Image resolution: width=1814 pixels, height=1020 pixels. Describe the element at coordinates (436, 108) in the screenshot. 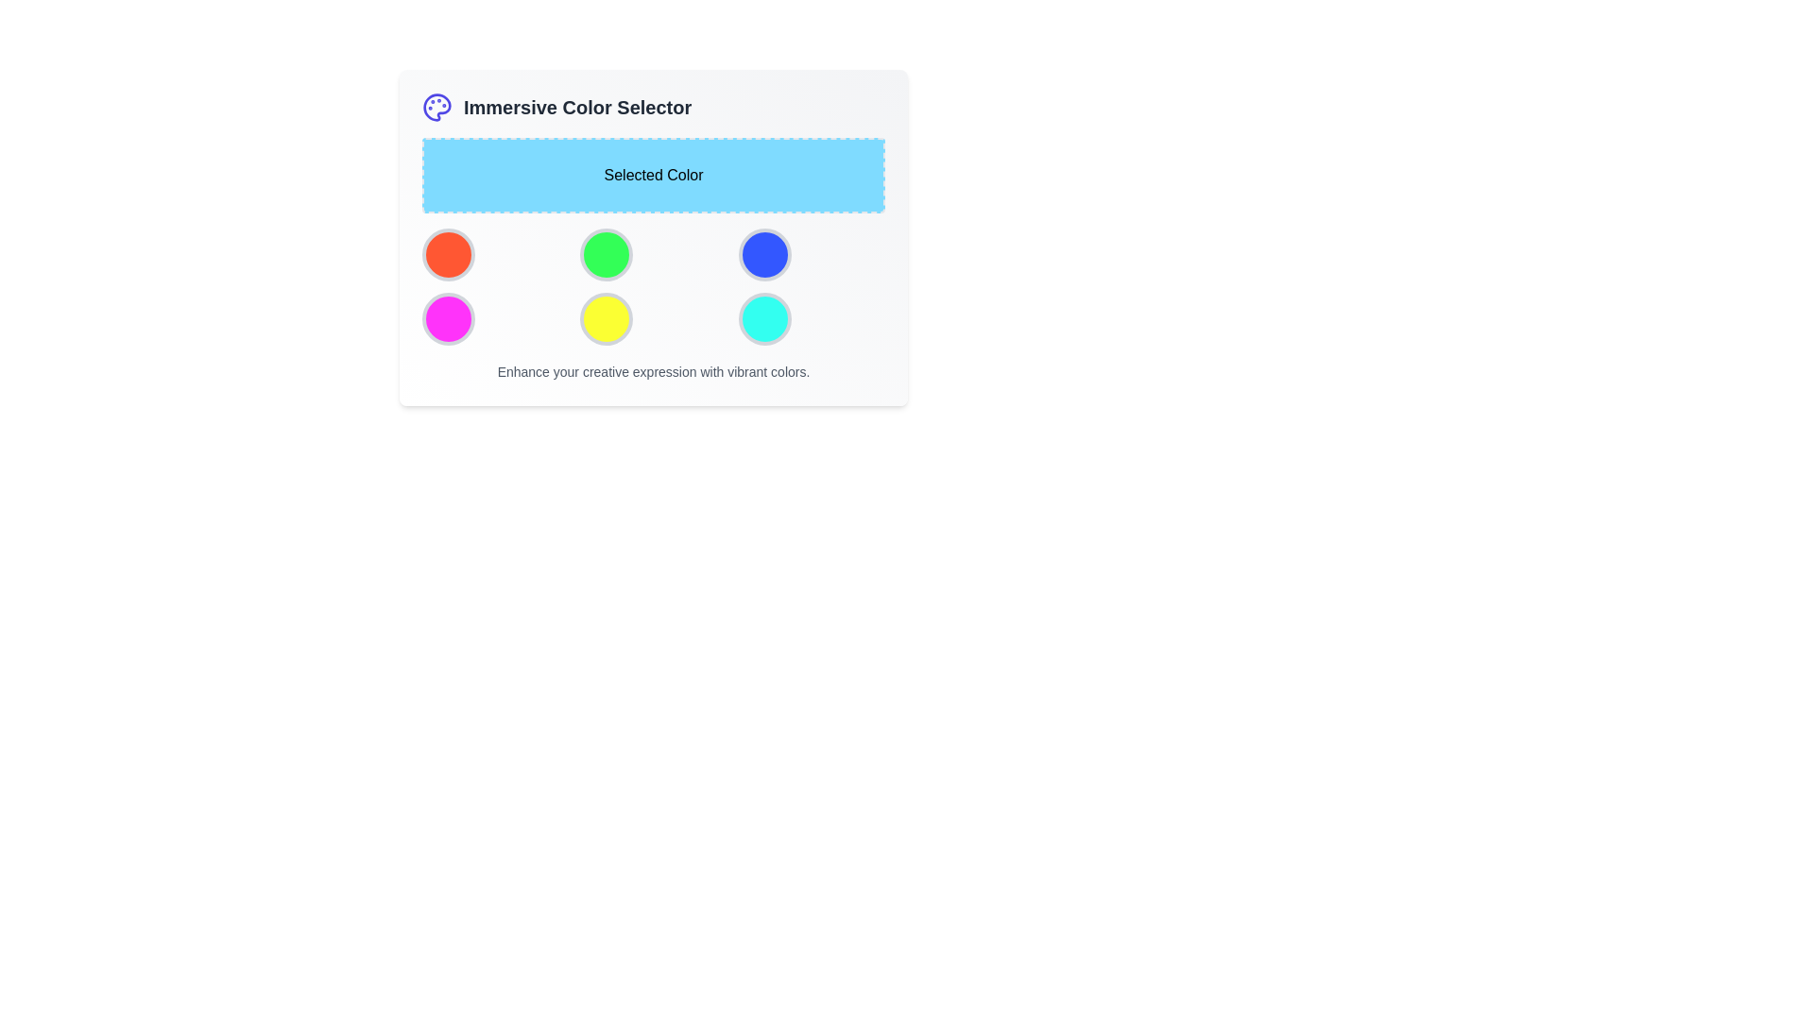

I see `the solid circular color palette icon located in the top-left corner of the card's header` at that location.